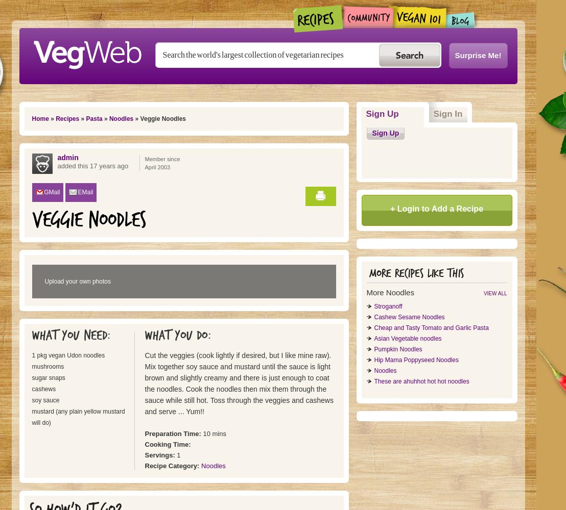  What do you see at coordinates (172, 466) in the screenshot?
I see `'Recipe Category:'` at bounding box center [172, 466].